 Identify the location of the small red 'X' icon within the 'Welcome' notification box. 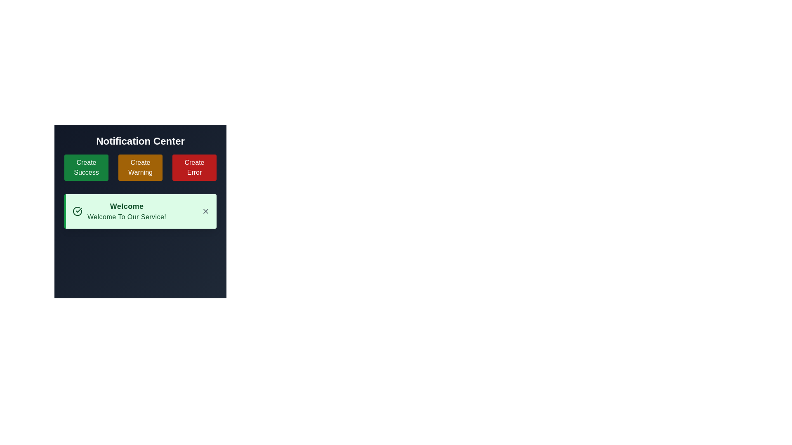
(206, 211).